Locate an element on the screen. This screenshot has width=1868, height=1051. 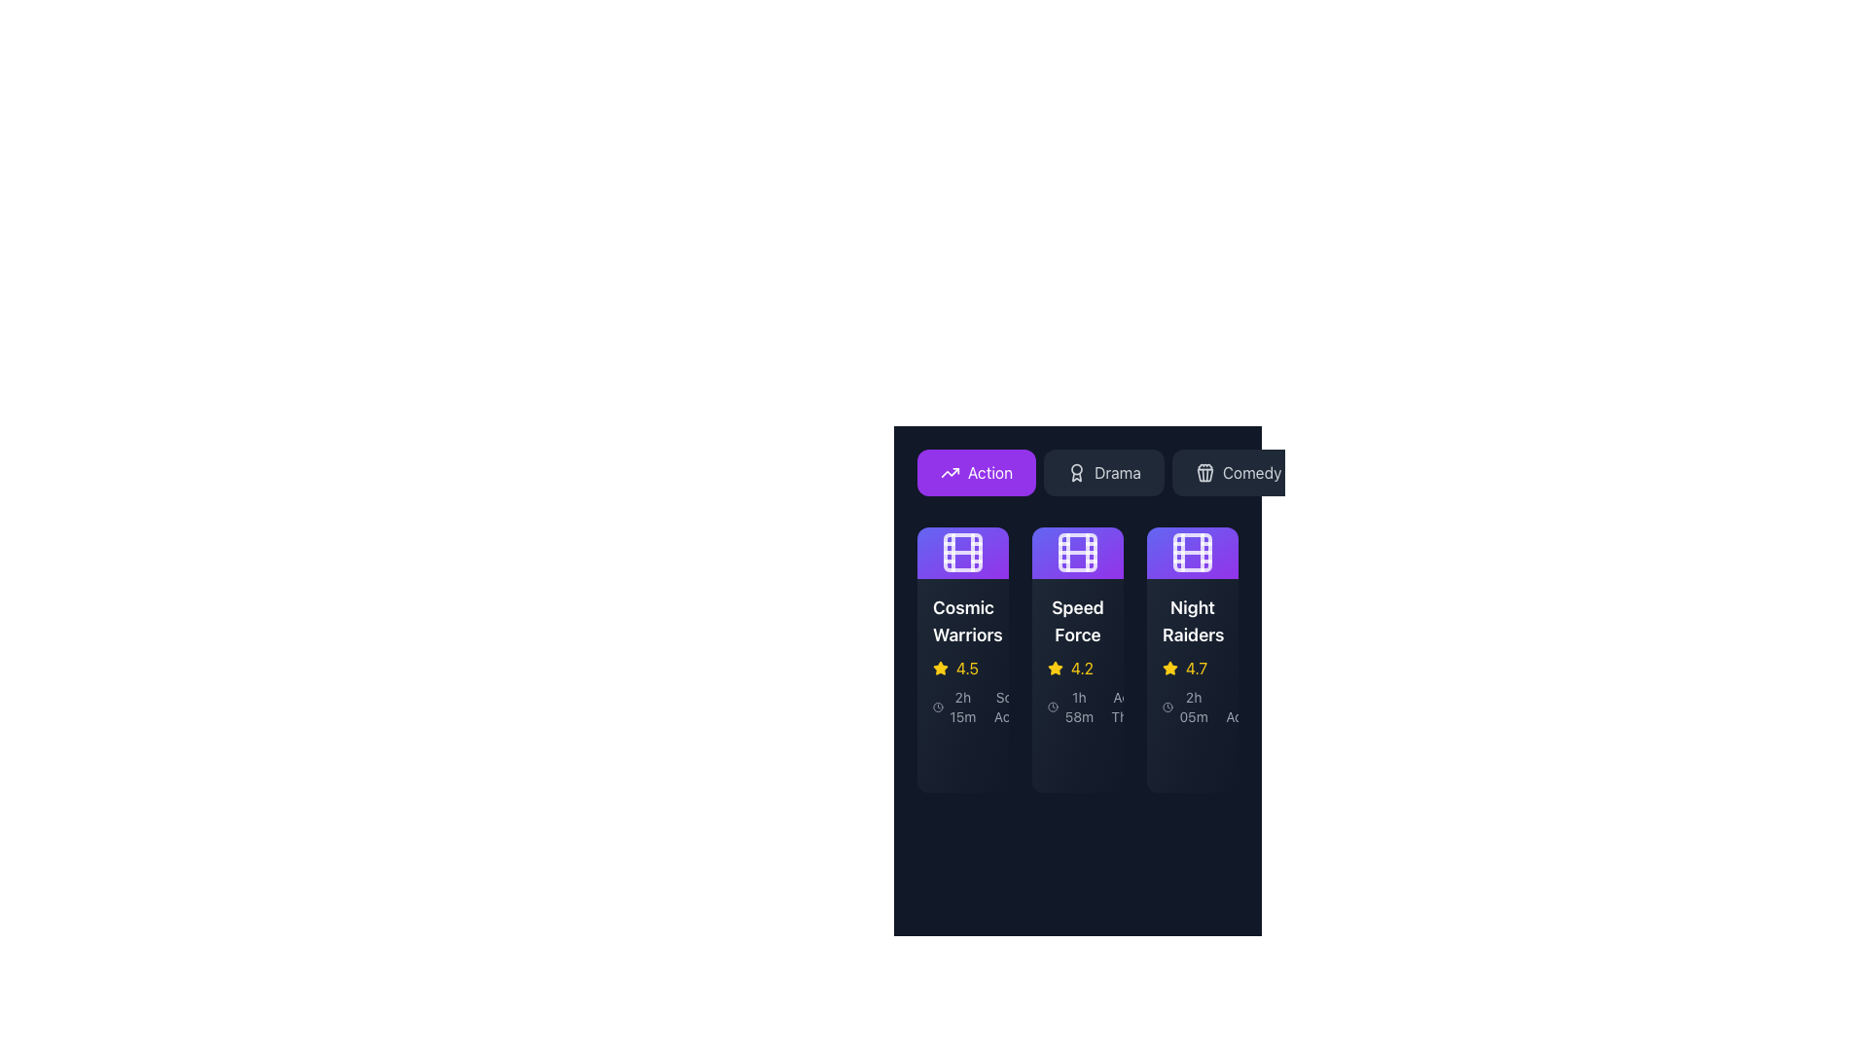
the icons within the 'Speed Force' Information Card, which features a film reel icon and is the second card in the grid layout under the 'Action', 'Drama', and 'Comedy' tabs is located at coordinates (1077, 620).